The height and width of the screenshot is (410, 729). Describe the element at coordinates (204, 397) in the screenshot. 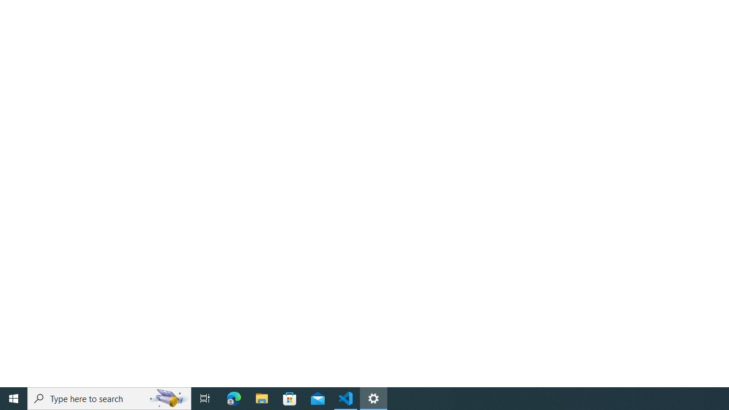

I see `'Task View'` at that location.